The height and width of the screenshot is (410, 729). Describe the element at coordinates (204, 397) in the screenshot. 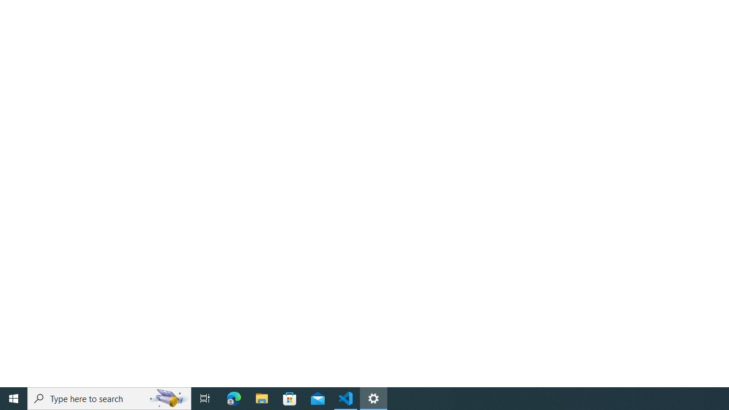

I see `'Task View'` at that location.